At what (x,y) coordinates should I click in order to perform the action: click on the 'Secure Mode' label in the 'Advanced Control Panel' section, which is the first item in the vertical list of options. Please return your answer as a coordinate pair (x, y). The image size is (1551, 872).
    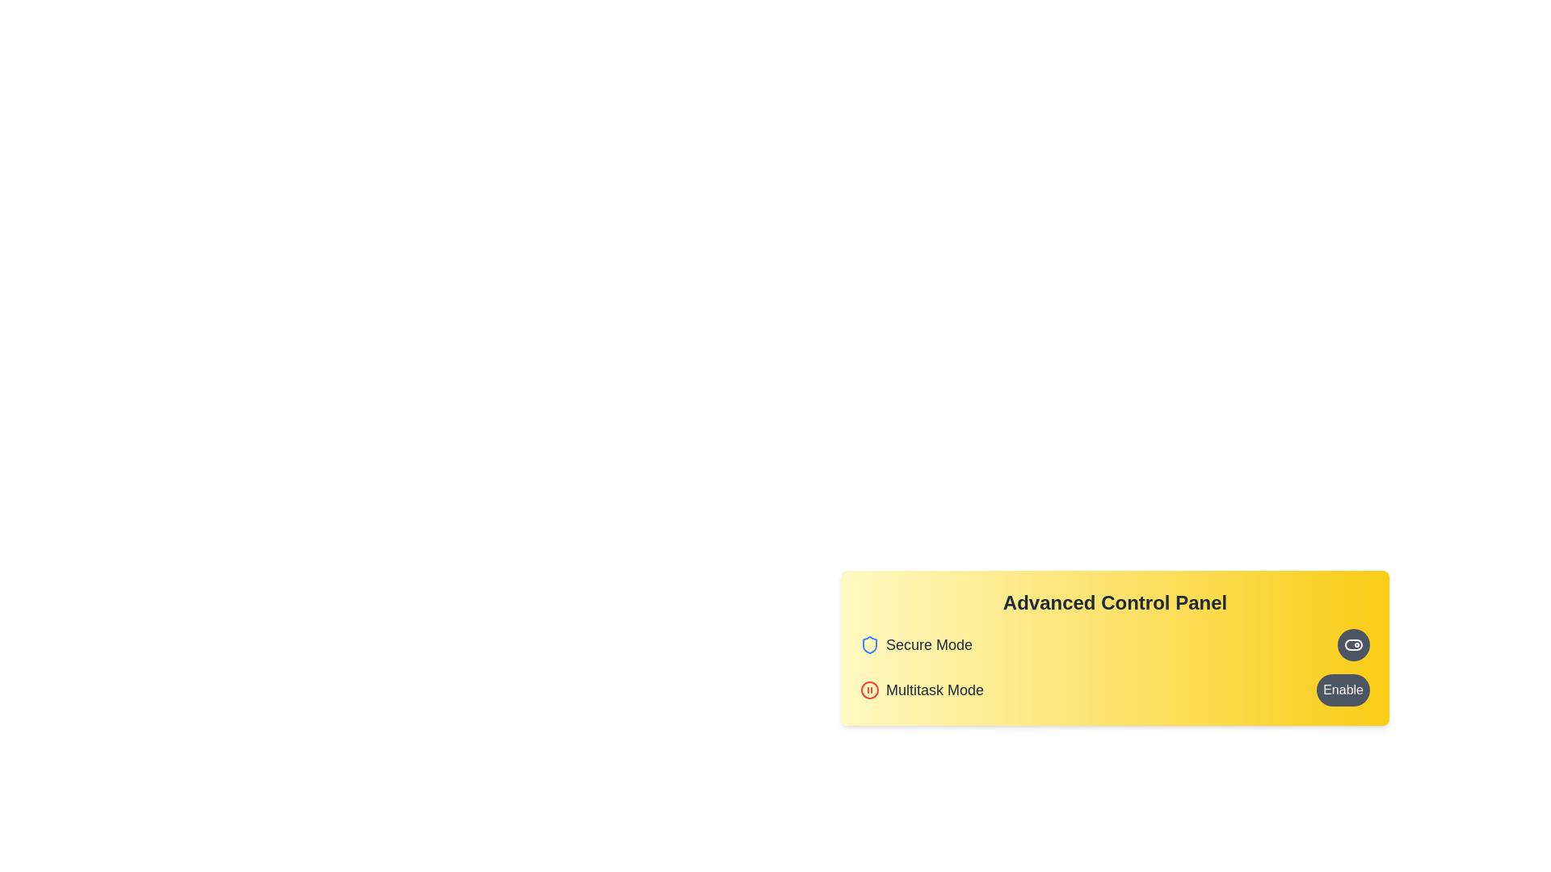
    Looking at the image, I should click on (916, 644).